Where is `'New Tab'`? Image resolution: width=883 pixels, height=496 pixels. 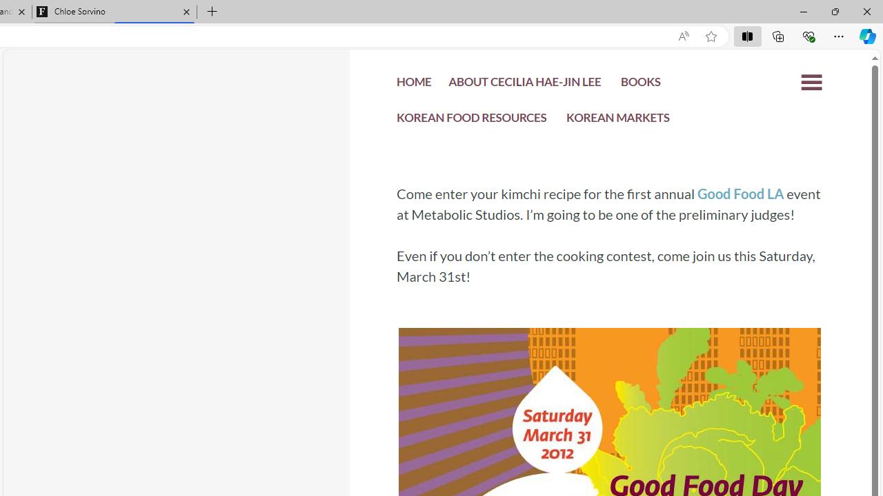 'New Tab' is located at coordinates (212, 12).